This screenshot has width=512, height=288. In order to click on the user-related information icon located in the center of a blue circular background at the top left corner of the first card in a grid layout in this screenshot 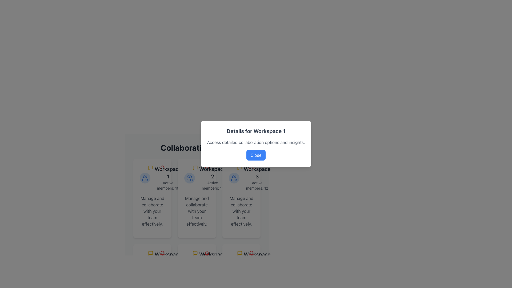, I will do `click(145, 178)`.